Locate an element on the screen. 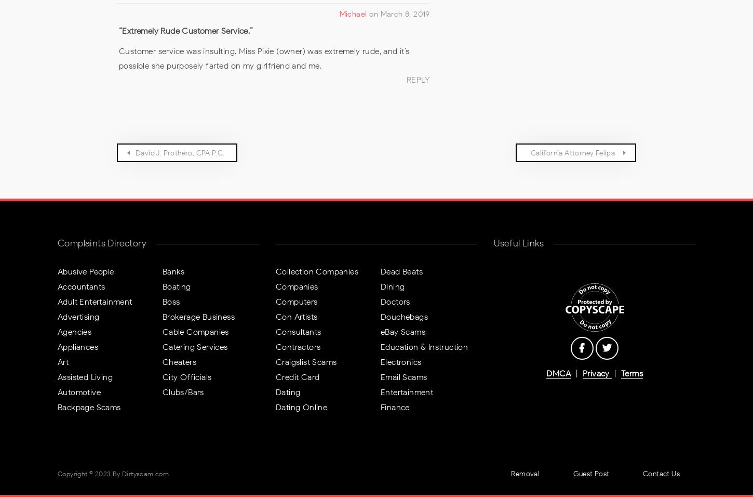 This screenshot has height=497, width=753. 'Douchebags' is located at coordinates (404, 316).